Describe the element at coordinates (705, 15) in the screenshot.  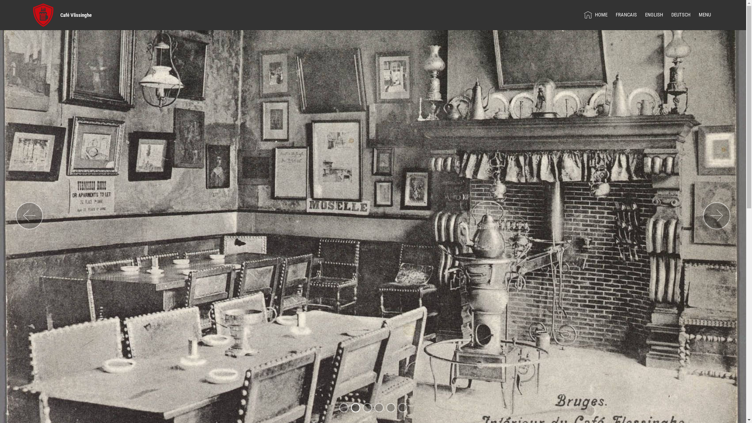
I see `'MENU'` at that location.